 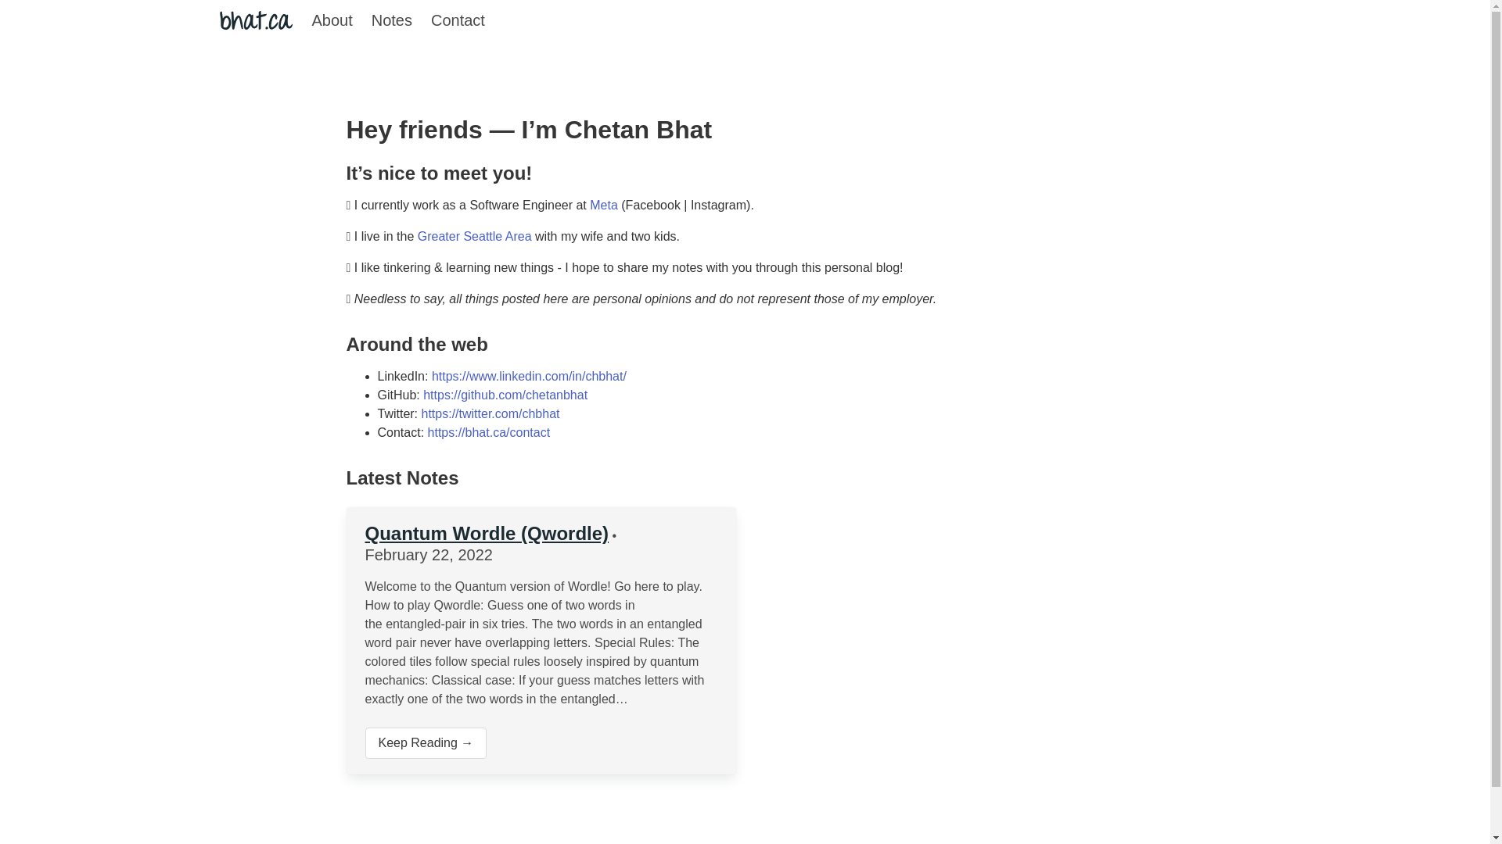 What do you see at coordinates (488, 432) in the screenshot?
I see `'https://bhat.ca/contact'` at bounding box center [488, 432].